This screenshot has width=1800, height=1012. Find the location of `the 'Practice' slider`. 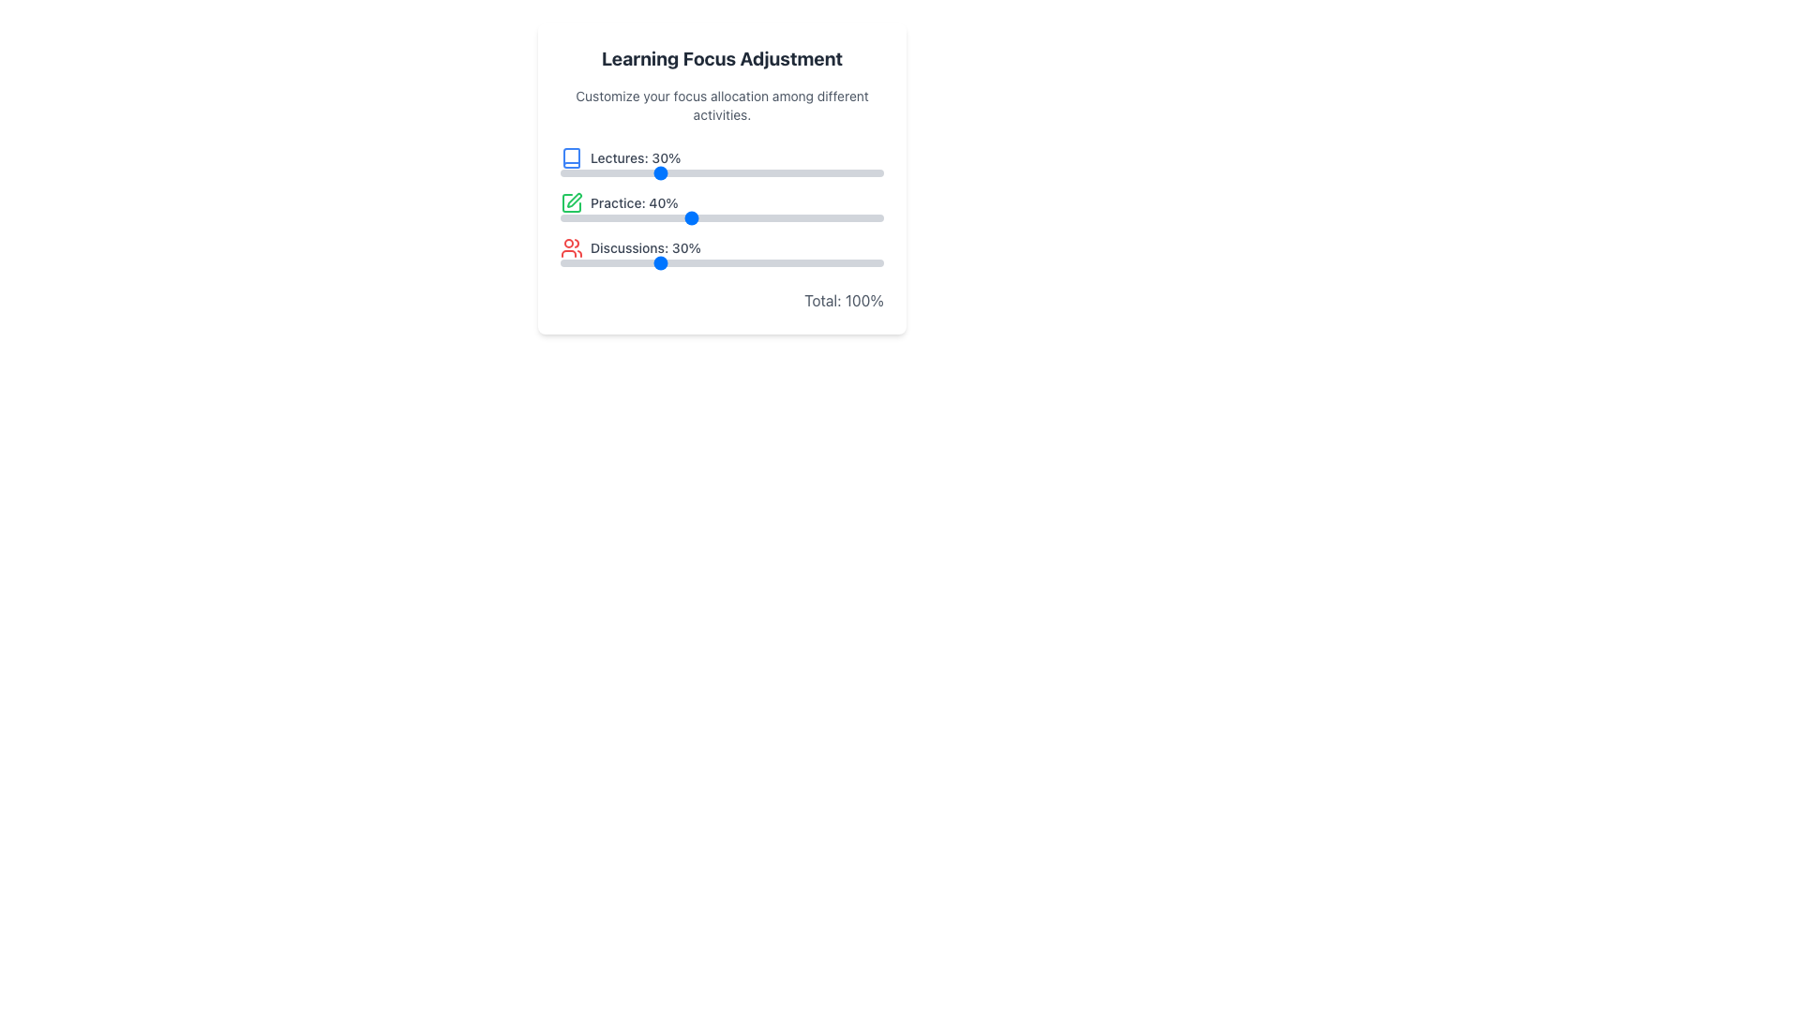

the 'Practice' slider is located at coordinates (813, 216).